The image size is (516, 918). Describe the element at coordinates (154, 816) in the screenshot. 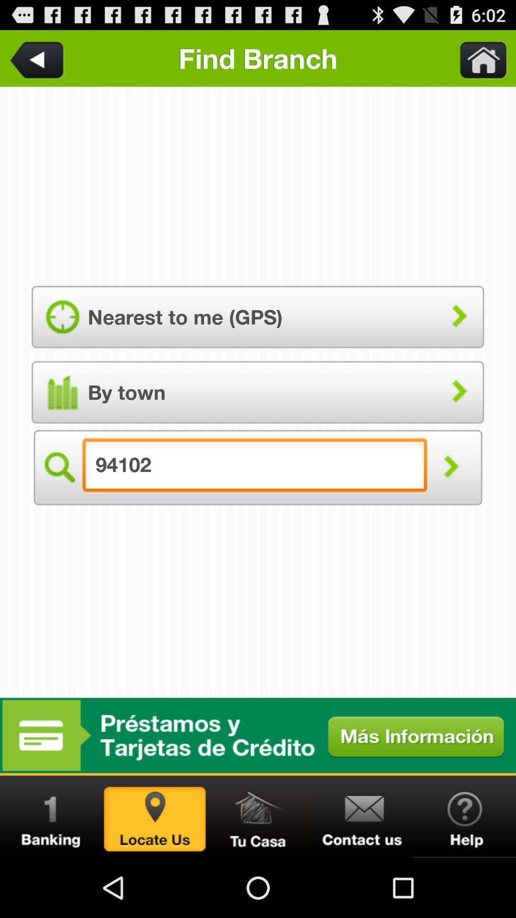

I see `show on map` at that location.